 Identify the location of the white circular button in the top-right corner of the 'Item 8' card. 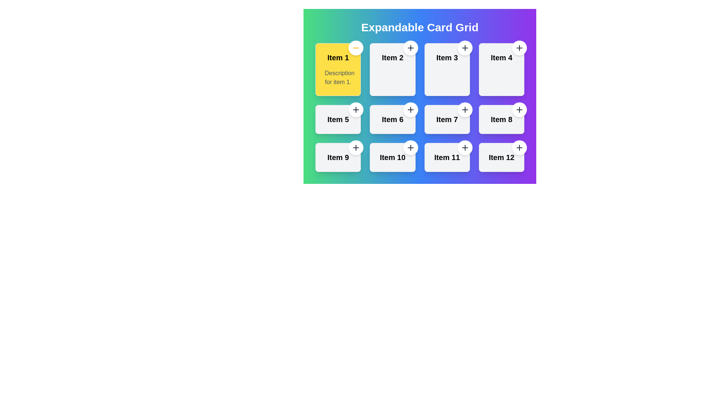
(519, 109).